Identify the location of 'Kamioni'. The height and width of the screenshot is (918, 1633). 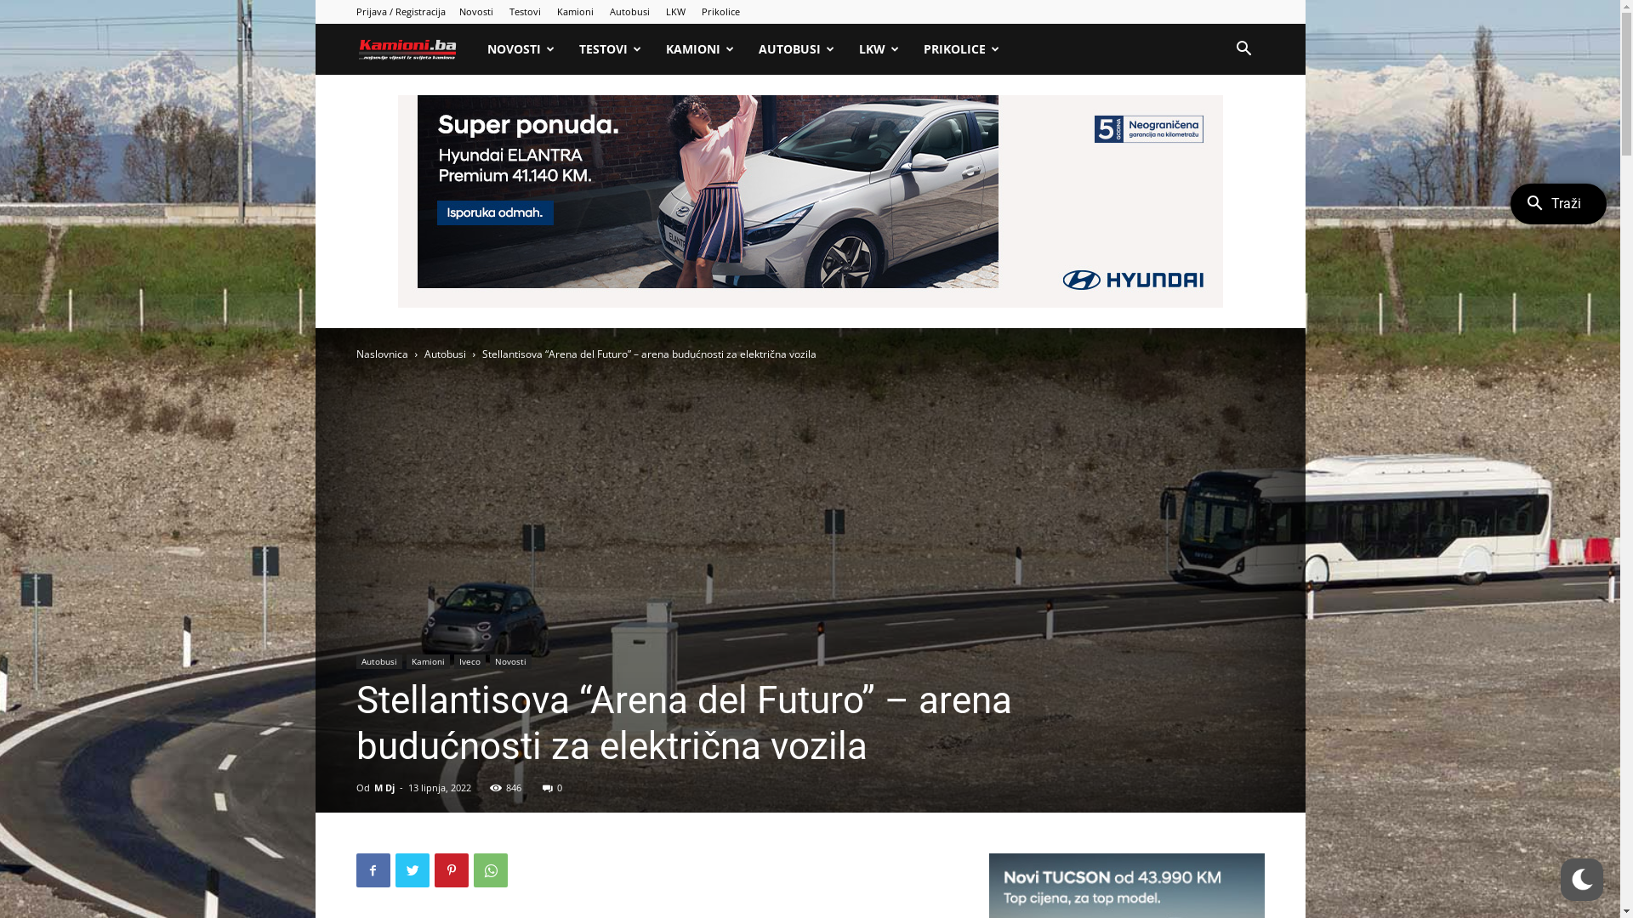
(428, 660).